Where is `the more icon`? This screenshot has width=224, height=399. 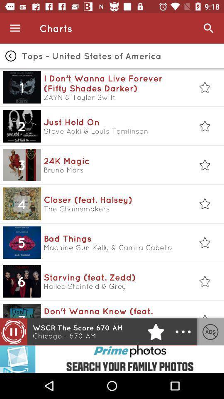 the more icon is located at coordinates (183, 332).